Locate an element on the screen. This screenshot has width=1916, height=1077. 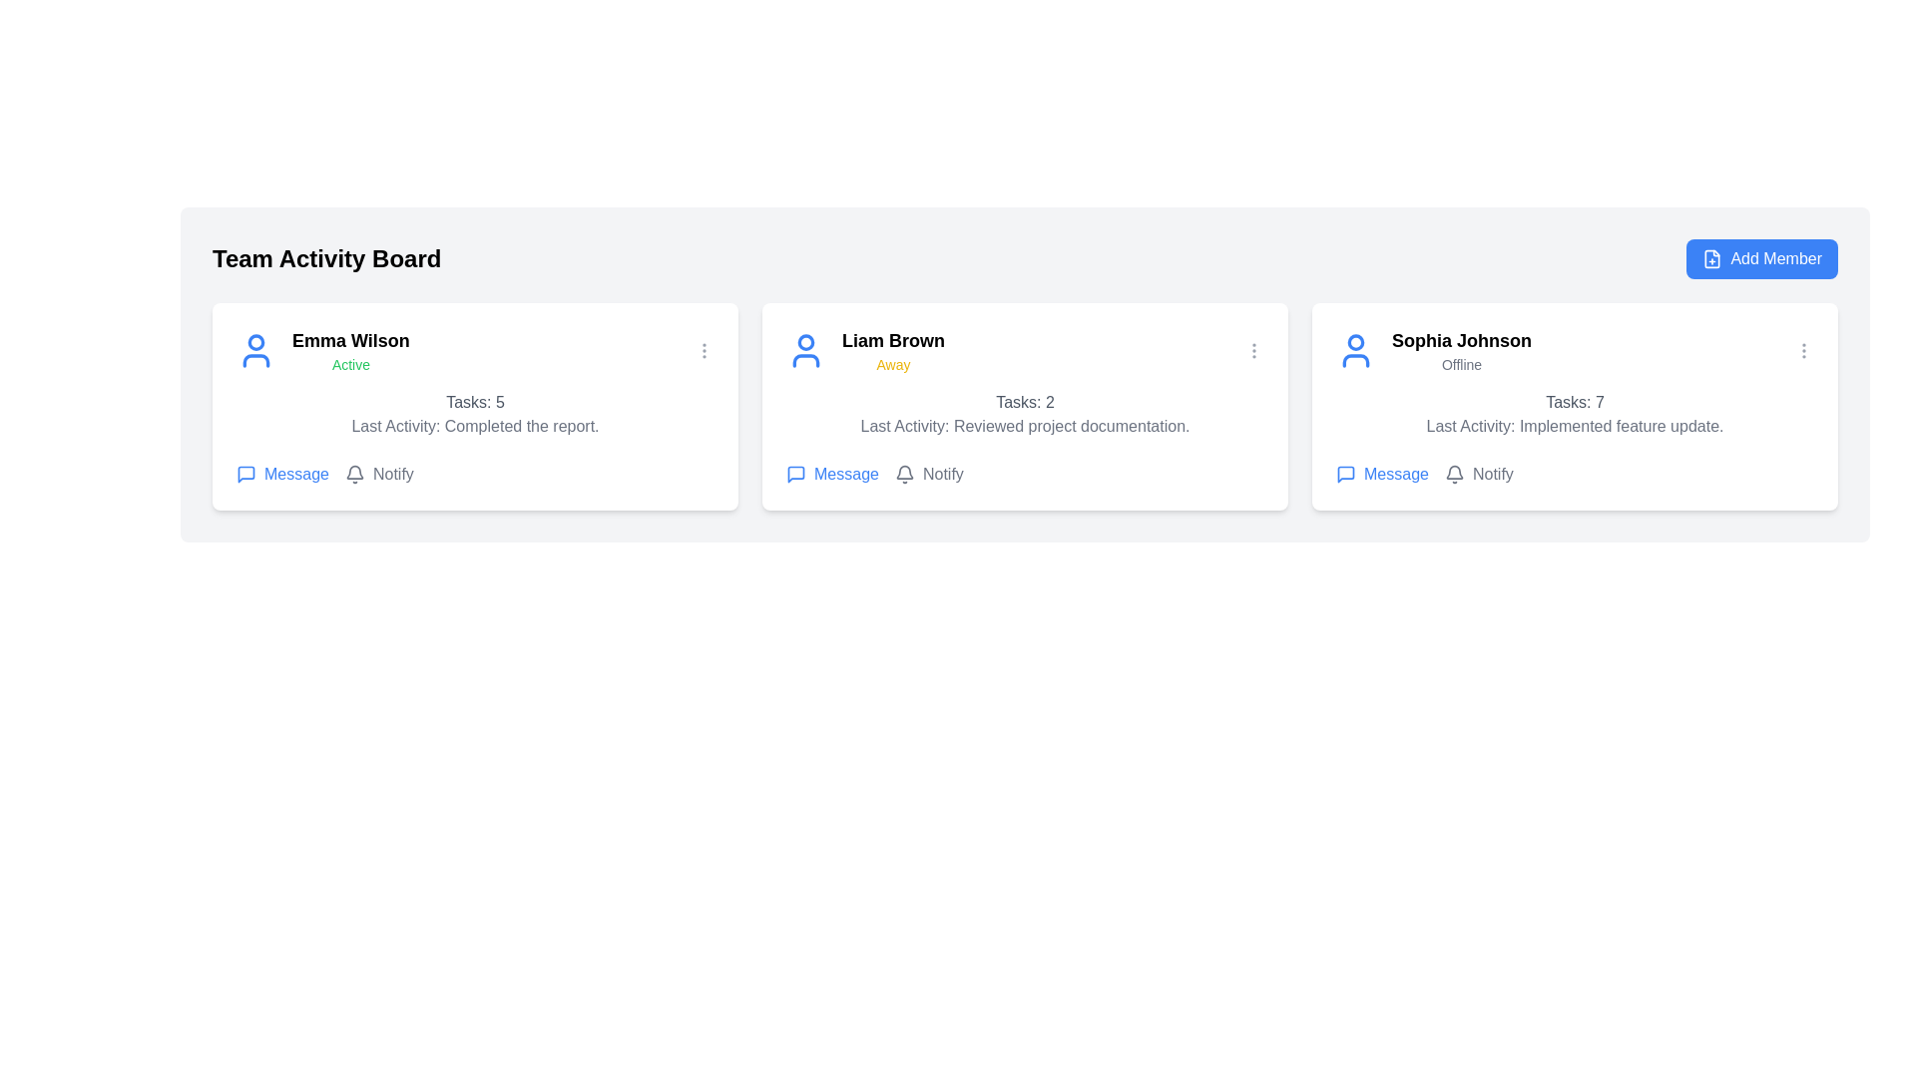
the torso part of the user icon associated with the second card titled 'Liam Brown' in the Team Activity Board interface is located at coordinates (805, 361).